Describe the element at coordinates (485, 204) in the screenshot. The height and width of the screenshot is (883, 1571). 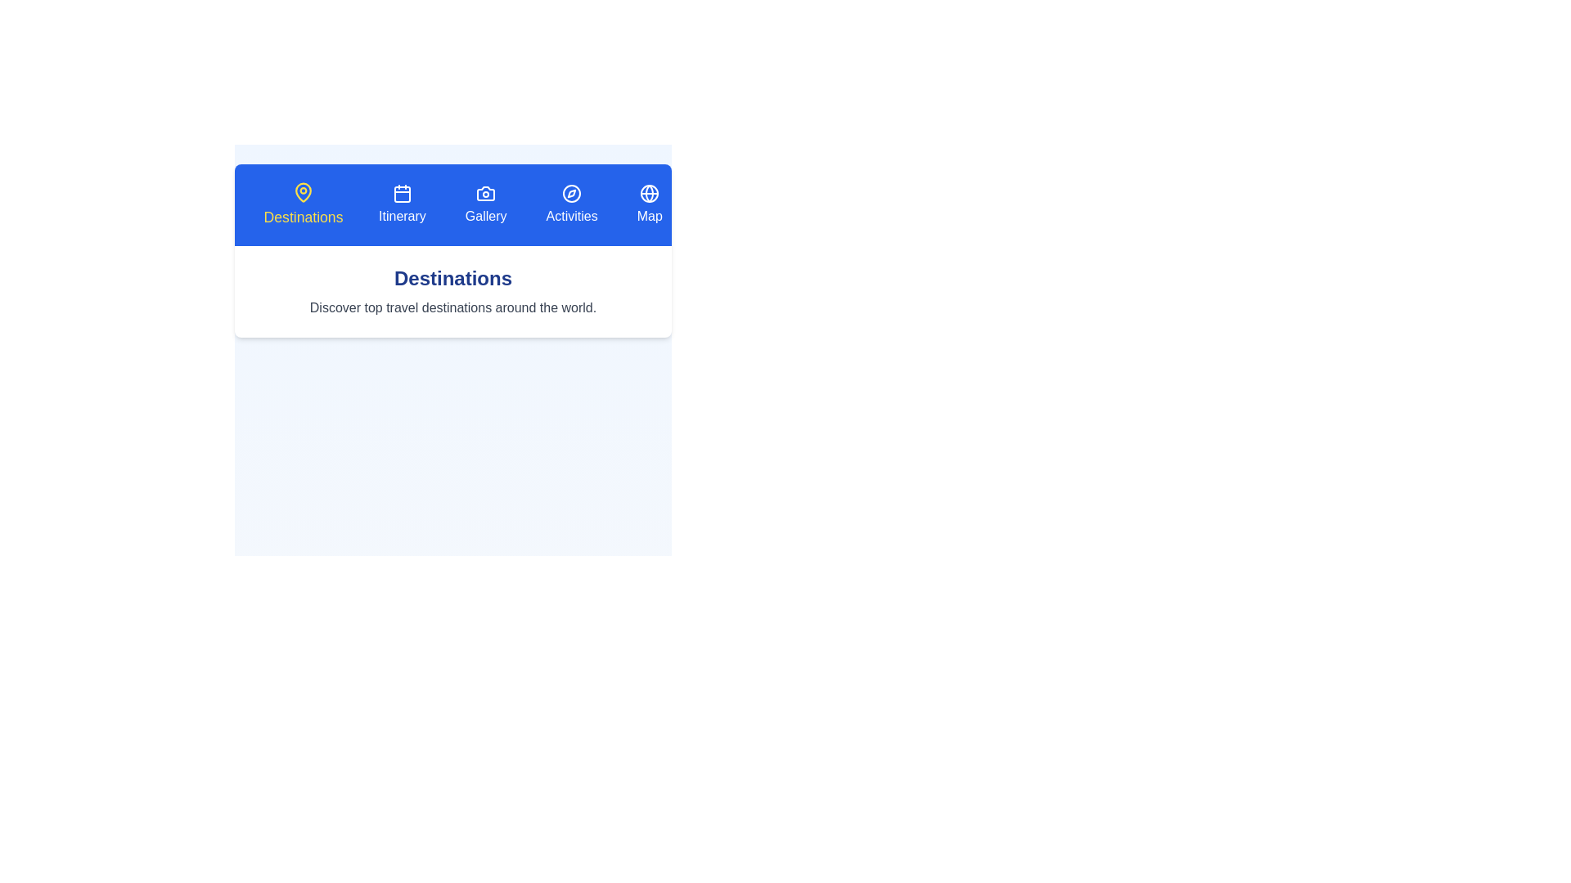
I see `the gallery button, the third button in a row of five` at that location.